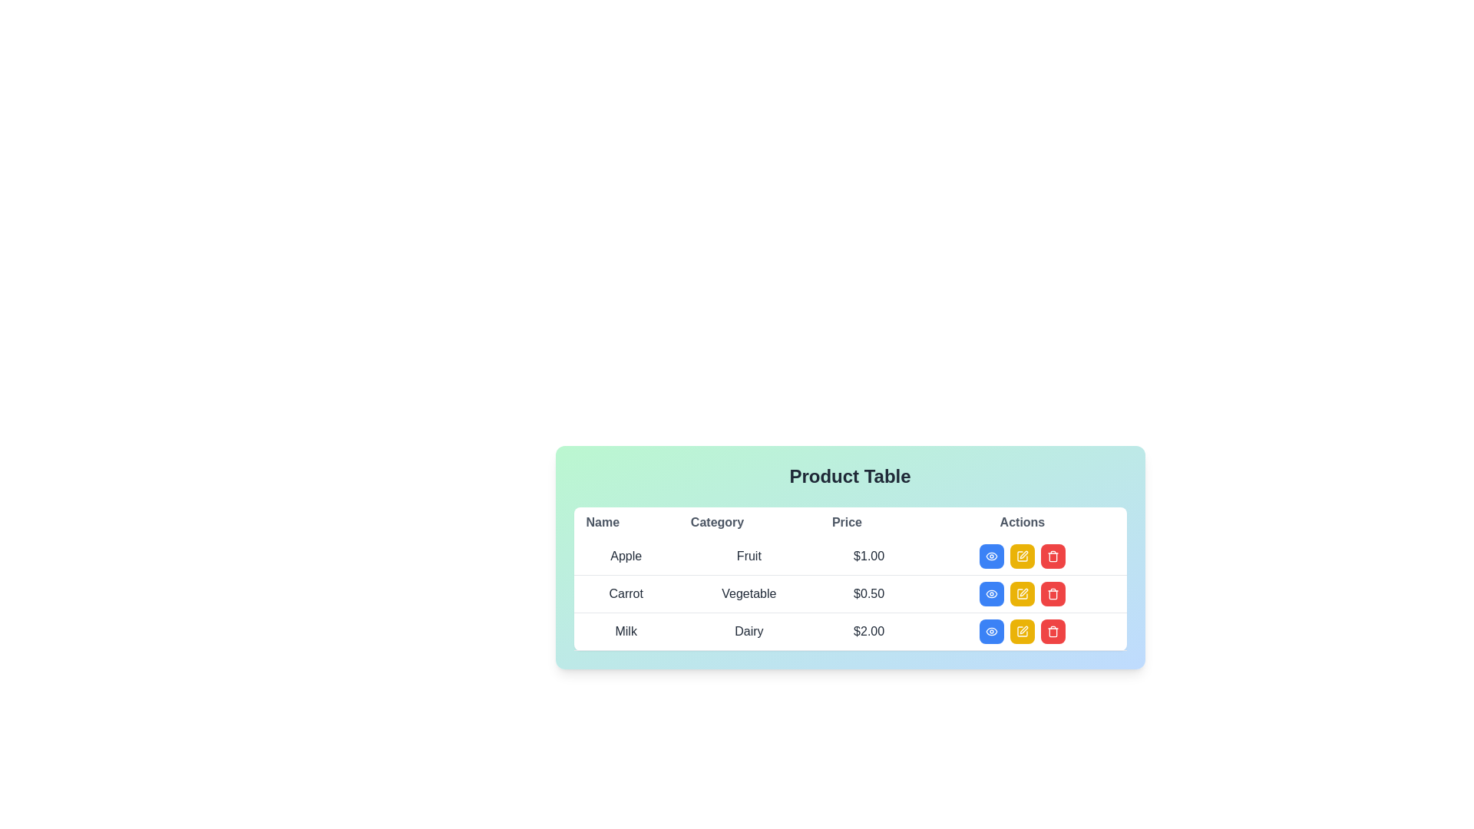 The image size is (1474, 829). I want to click on the bright yellow edit button with a white pen icon in the 'Actions' column for the 'Carrot' product entry to initiate the edit action, so click(1022, 557).